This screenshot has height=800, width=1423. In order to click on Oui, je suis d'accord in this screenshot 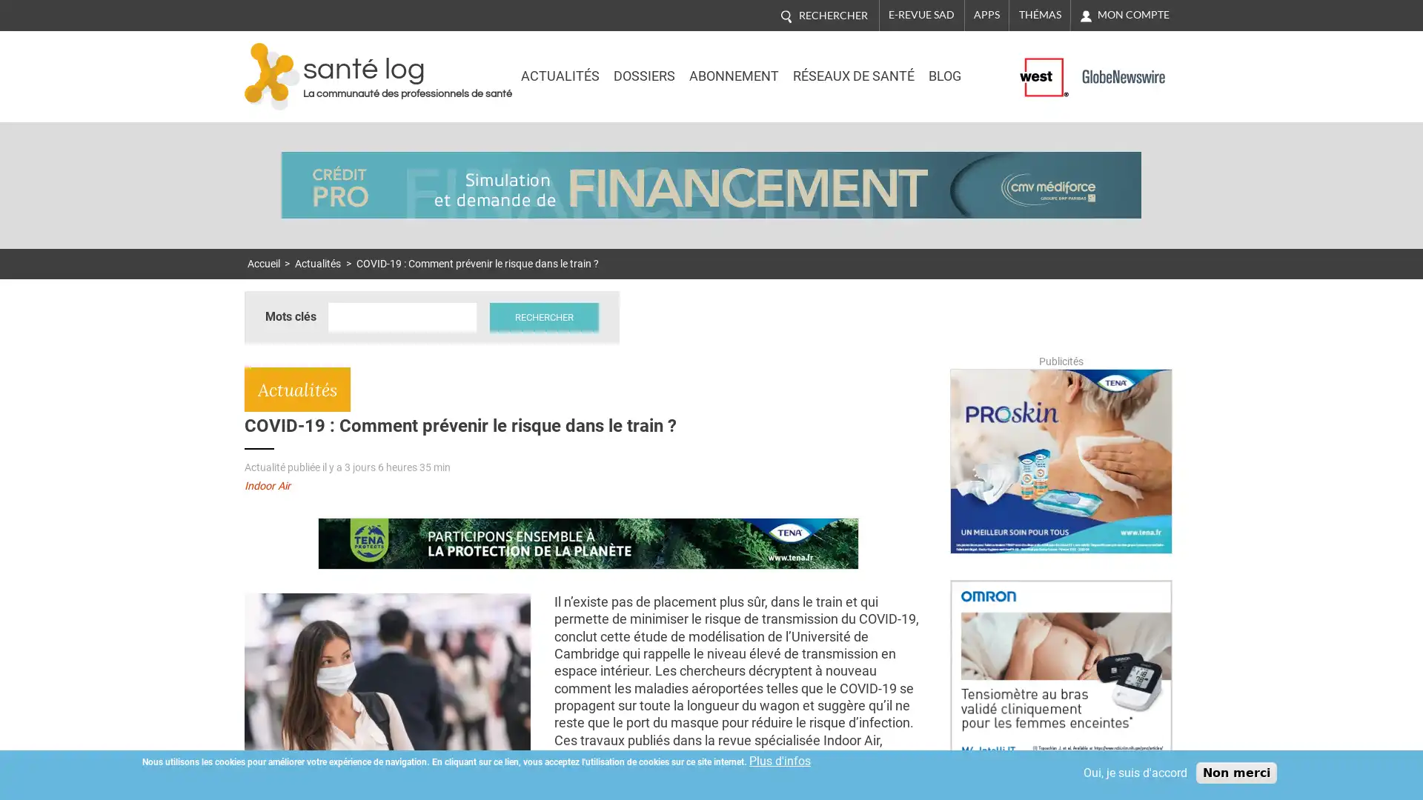, I will do `click(1134, 772)`.